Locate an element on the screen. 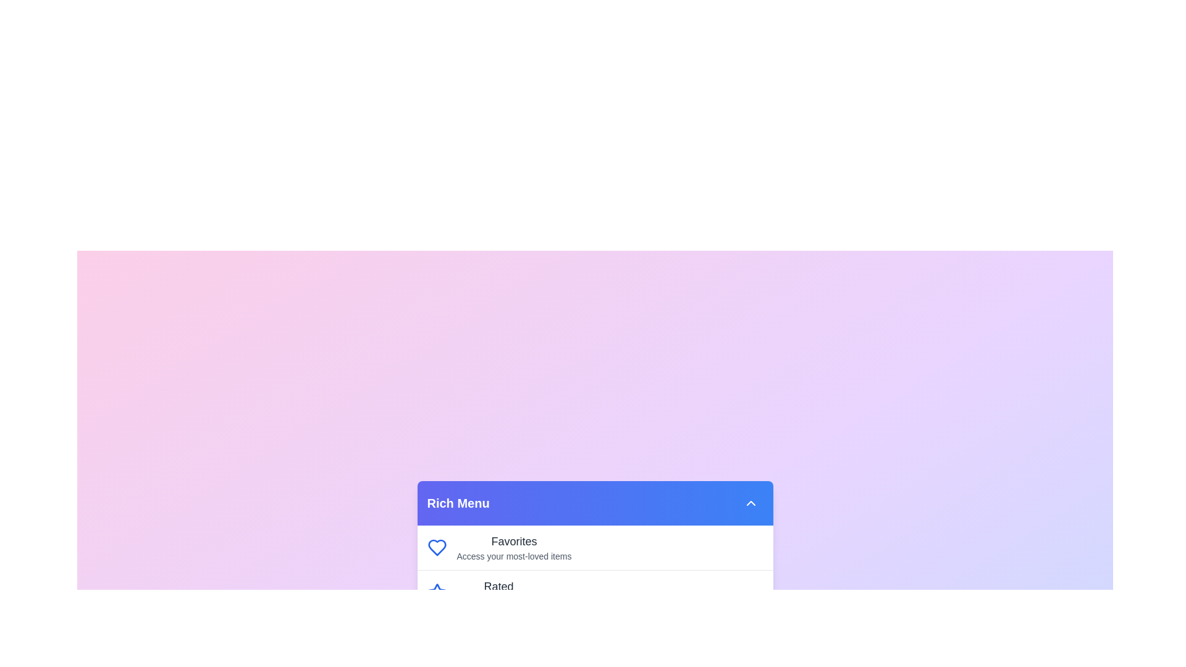 Image resolution: width=1186 pixels, height=667 pixels. the menu item labeled Rated by clicking on it is located at coordinates (498, 592).